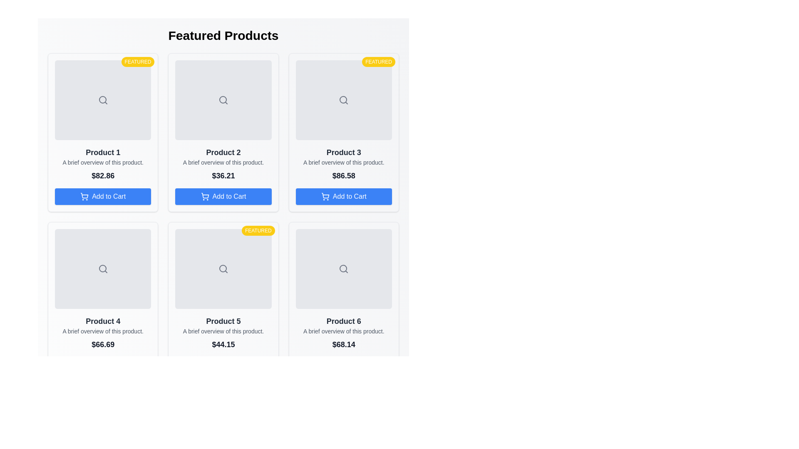 This screenshot has width=799, height=449. I want to click on the price label displaying 'Product 2' located in the center column of the grid layout, directly above the 'Add to Cart' button, so click(223, 175).